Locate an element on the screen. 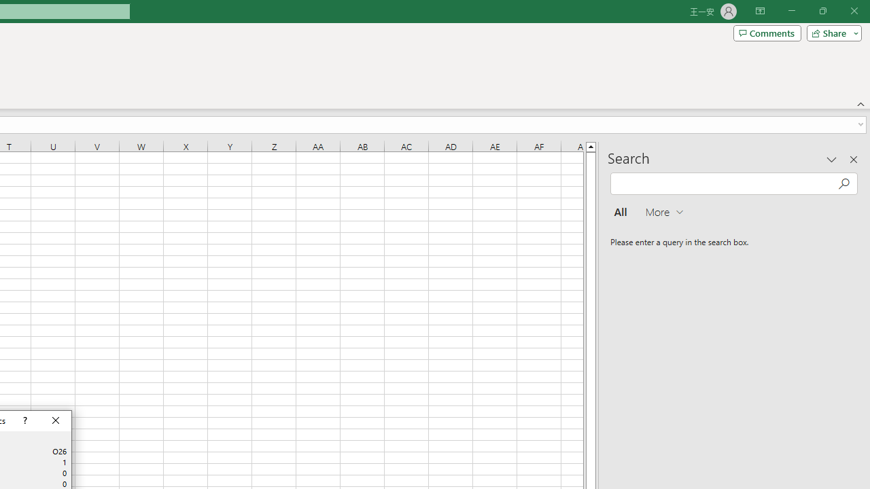 The width and height of the screenshot is (870, 489). 'Context help' is located at coordinates (24, 420).